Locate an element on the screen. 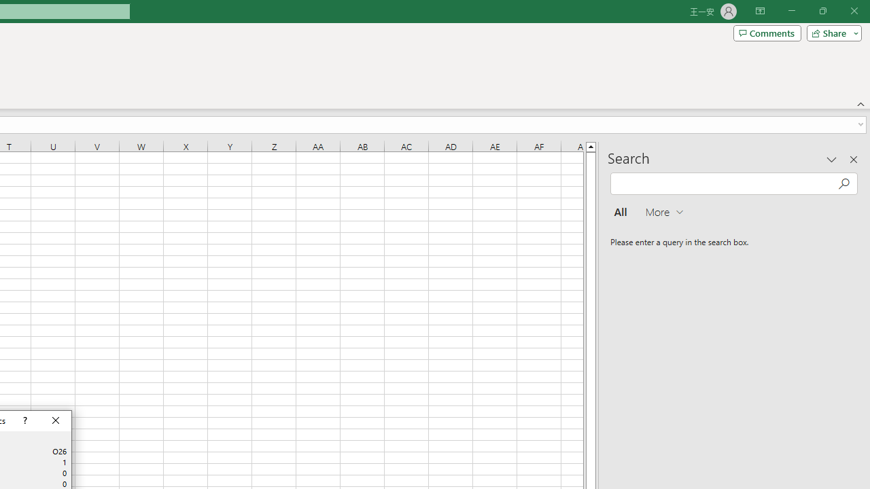 The width and height of the screenshot is (870, 489). 'Context help' is located at coordinates (24, 420).